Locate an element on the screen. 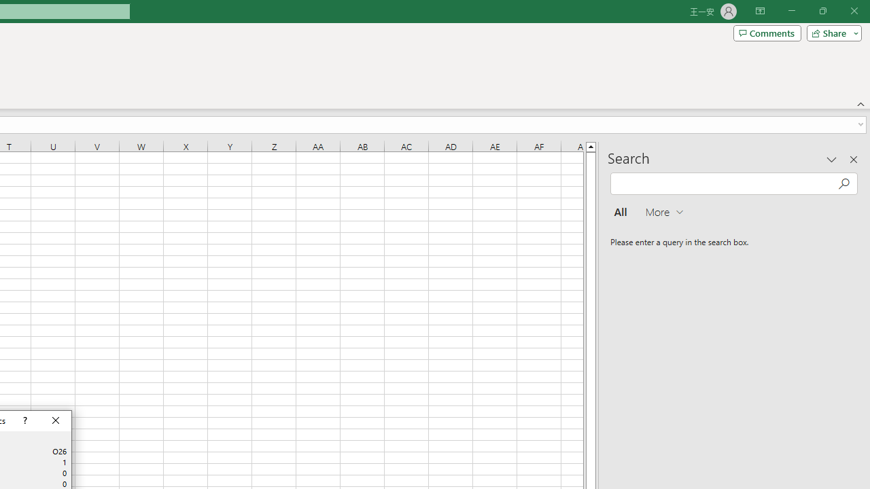 The width and height of the screenshot is (870, 489). 'Context help' is located at coordinates (24, 420).